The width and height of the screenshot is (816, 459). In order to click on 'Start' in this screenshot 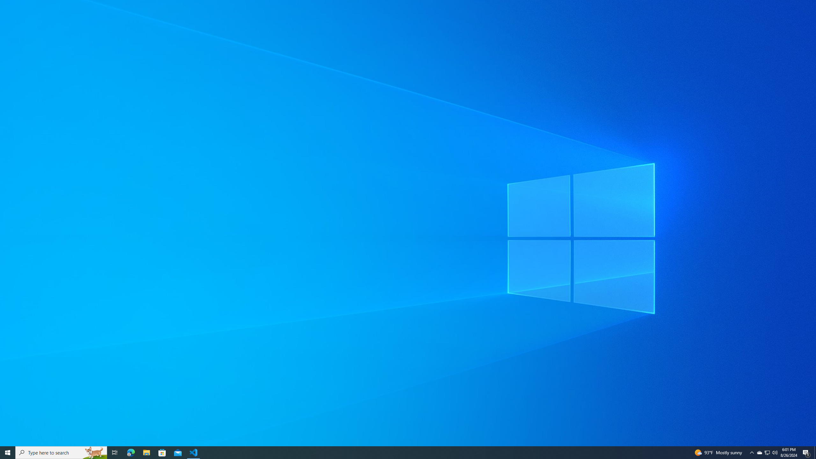, I will do `click(8, 452)`.